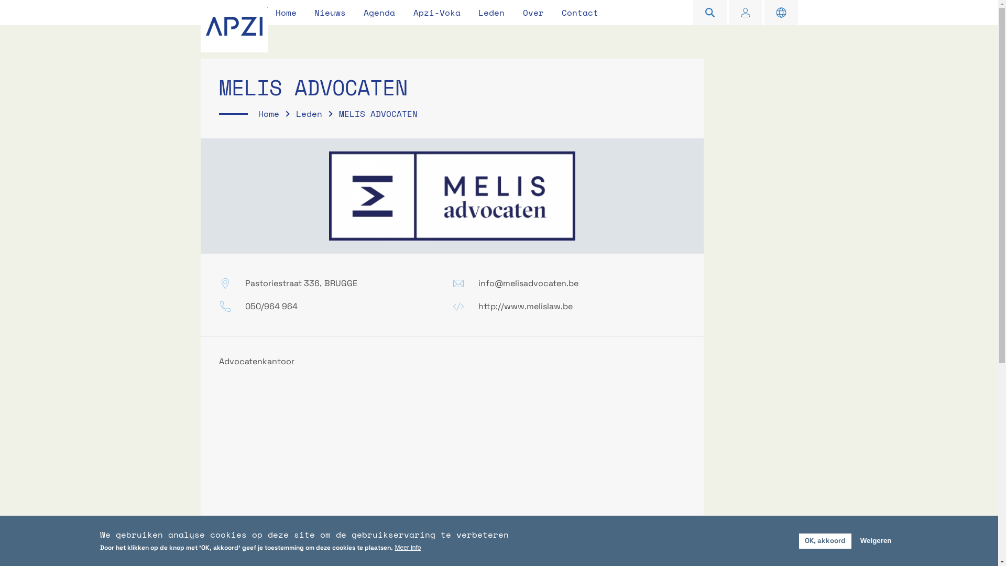 The image size is (1006, 566). What do you see at coordinates (525, 306) in the screenshot?
I see `'http://www.melislaw.be'` at bounding box center [525, 306].